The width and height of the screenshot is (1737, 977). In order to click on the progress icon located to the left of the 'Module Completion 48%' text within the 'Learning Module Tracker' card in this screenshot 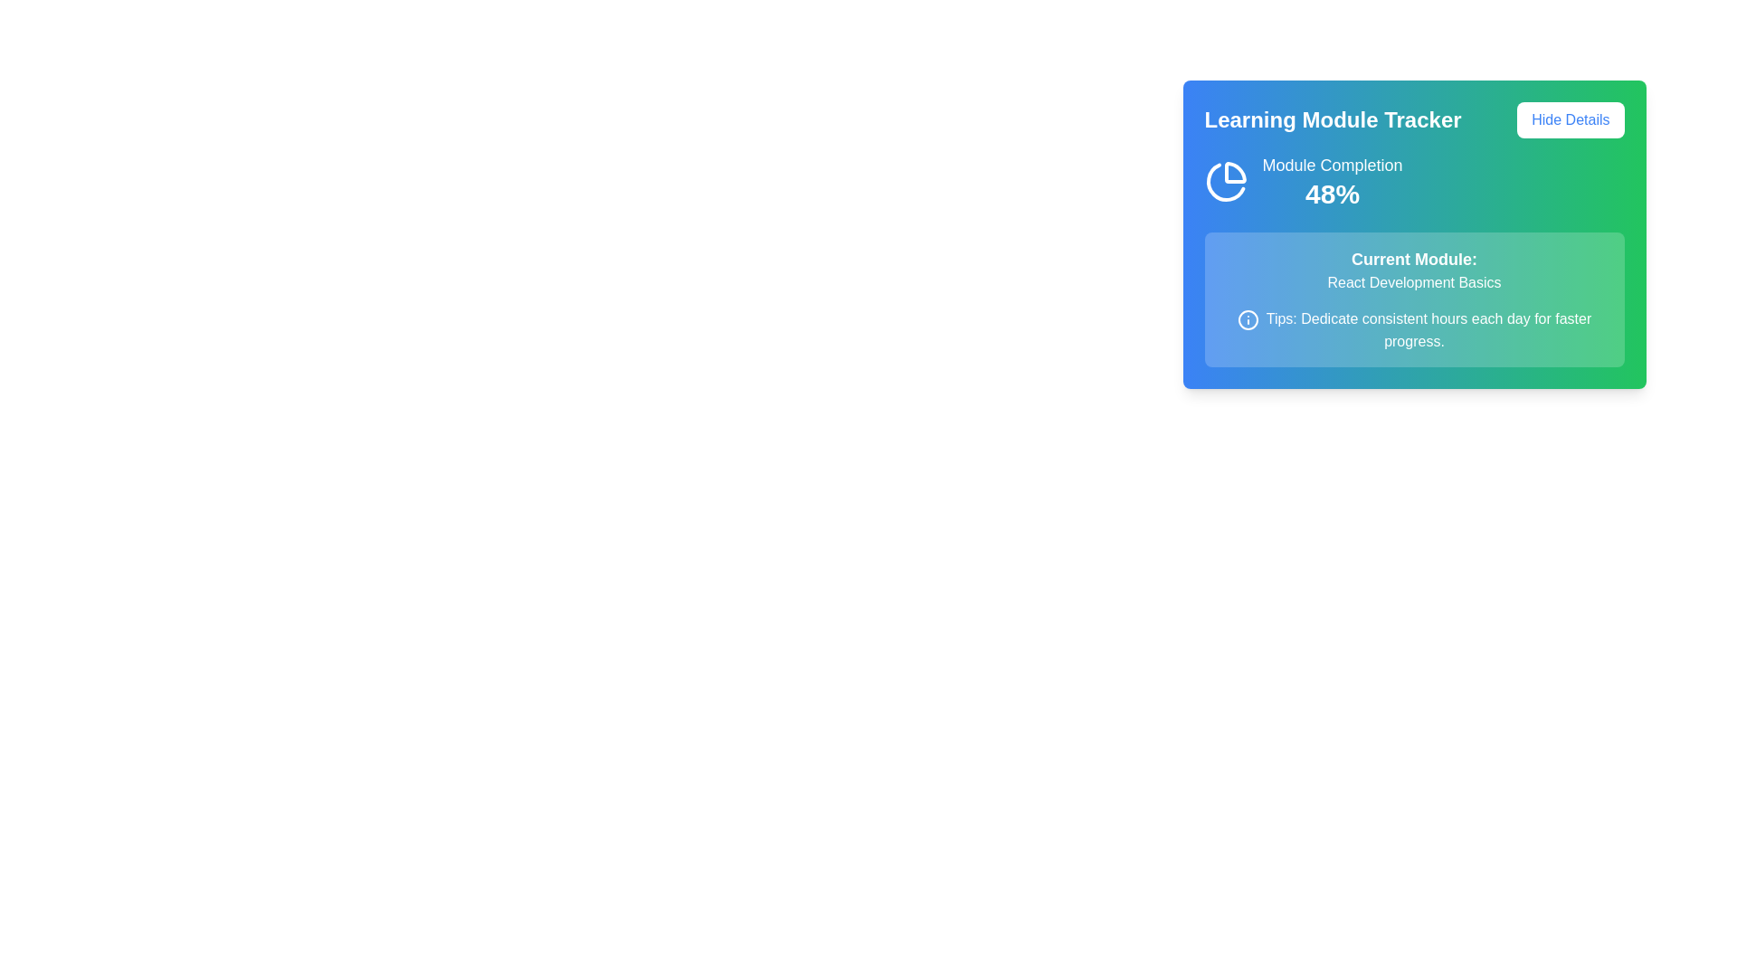, I will do `click(1226, 181)`.